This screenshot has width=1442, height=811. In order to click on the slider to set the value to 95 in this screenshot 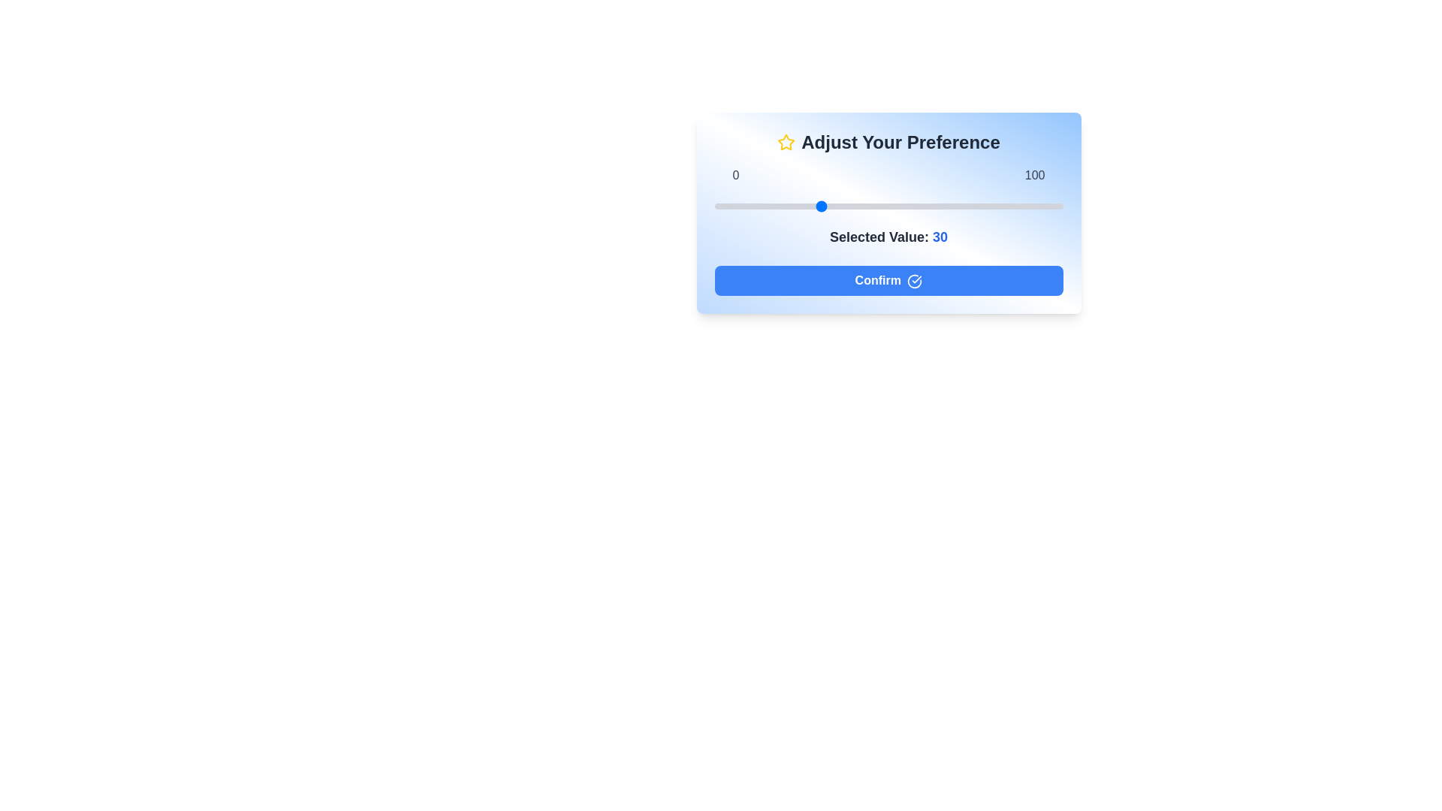, I will do `click(1045, 206)`.